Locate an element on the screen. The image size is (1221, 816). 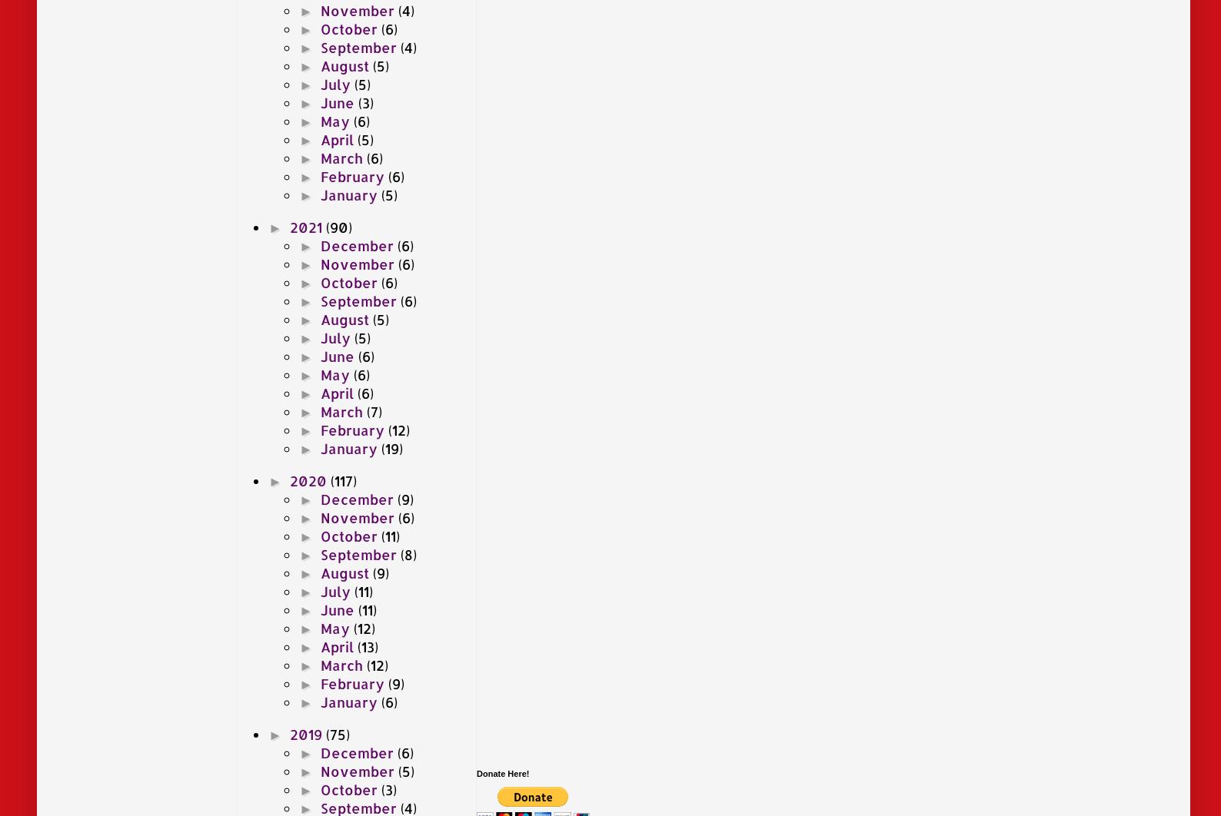
'2020' is located at coordinates (288, 479).